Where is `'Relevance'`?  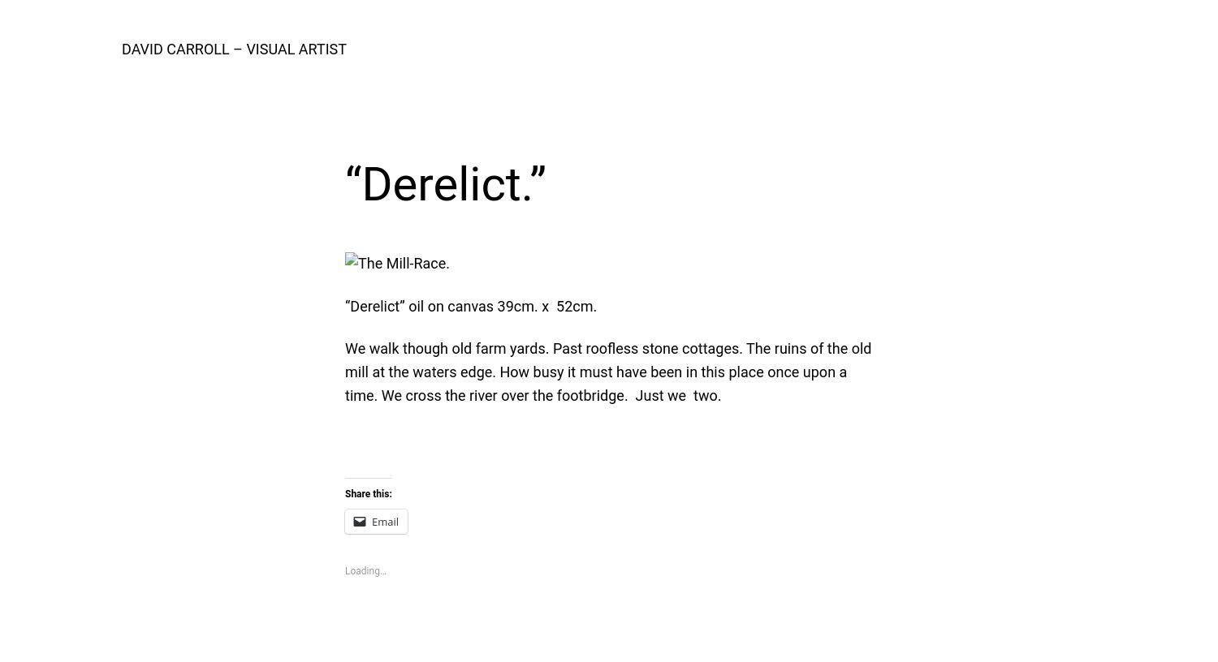
'Relevance' is located at coordinates (738, 107).